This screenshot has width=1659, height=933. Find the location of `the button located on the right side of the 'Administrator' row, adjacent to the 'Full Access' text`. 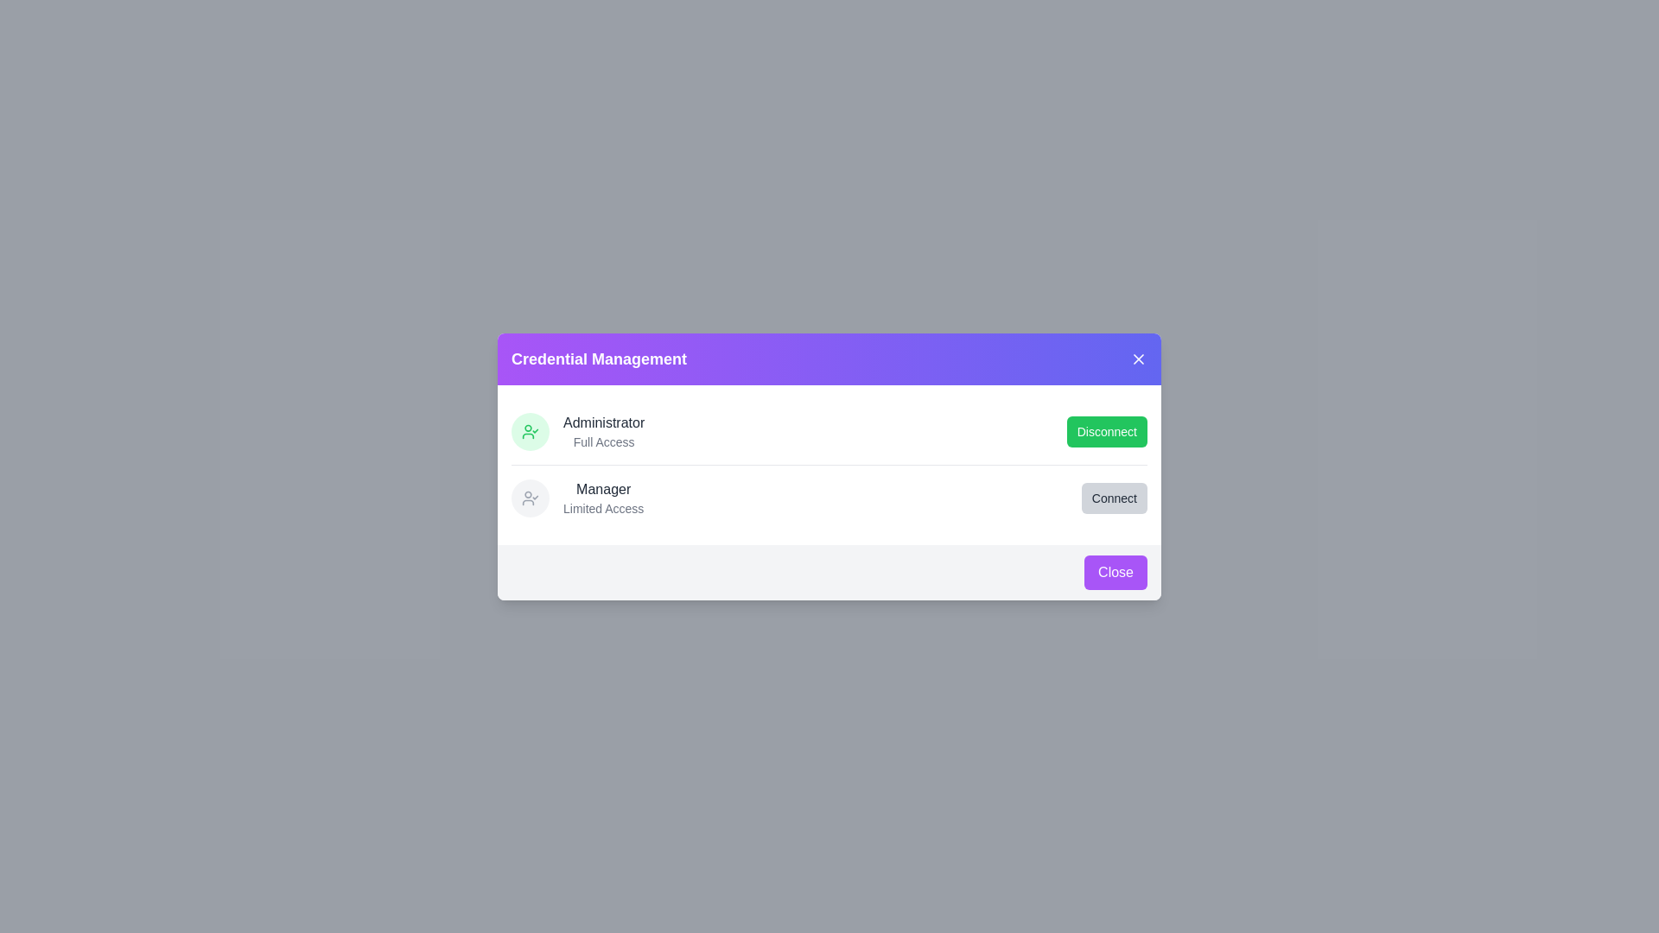

the button located on the right side of the 'Administrator' row, adjacent to the 'Full Access' text is located at coordinates (1107, 430).